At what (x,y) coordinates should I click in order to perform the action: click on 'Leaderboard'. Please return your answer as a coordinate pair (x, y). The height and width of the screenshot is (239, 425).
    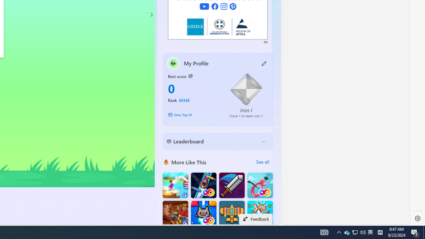
    Looking at the image, I should click on (212, 141).